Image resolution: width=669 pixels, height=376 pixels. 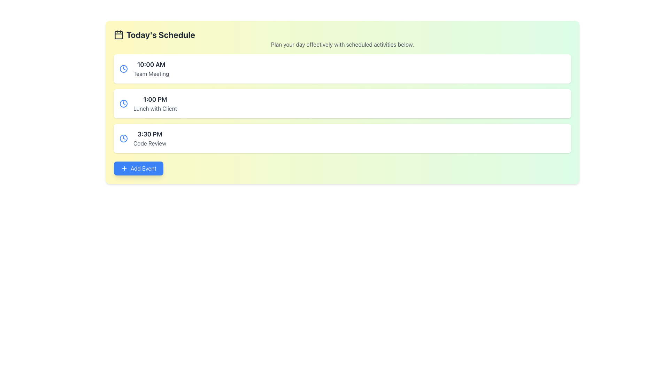 I want to click on the details of the scheduled event 'Lunch with Client' at 1:00 PM, which is the second item in the schedule/calendar interface, so click(x=343, y=103).